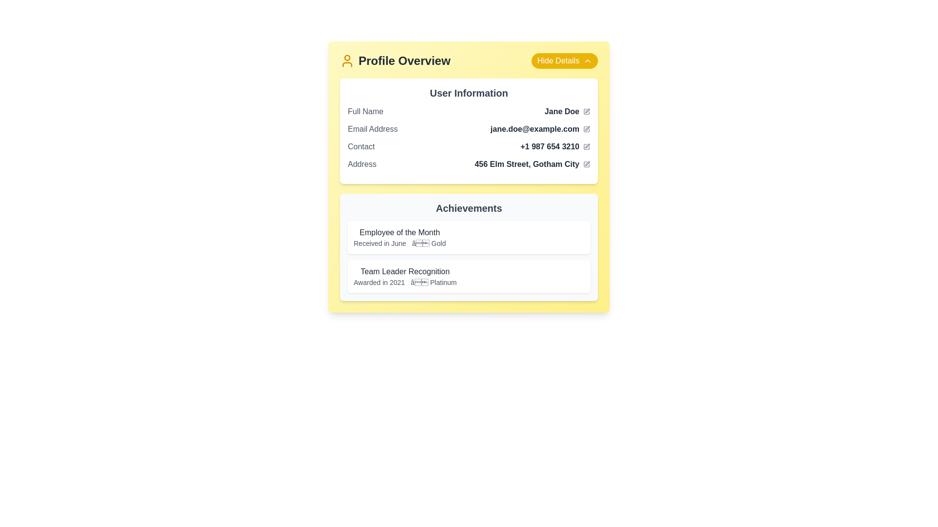  What do you see at coordinates (395, 61) in the screenshot?
I see `text of the Label header with icon indicating 'Profile Overview', which is positioned on the left-hand side of the horizontal bar at the top of the panel` at bounding box center [395, 61].